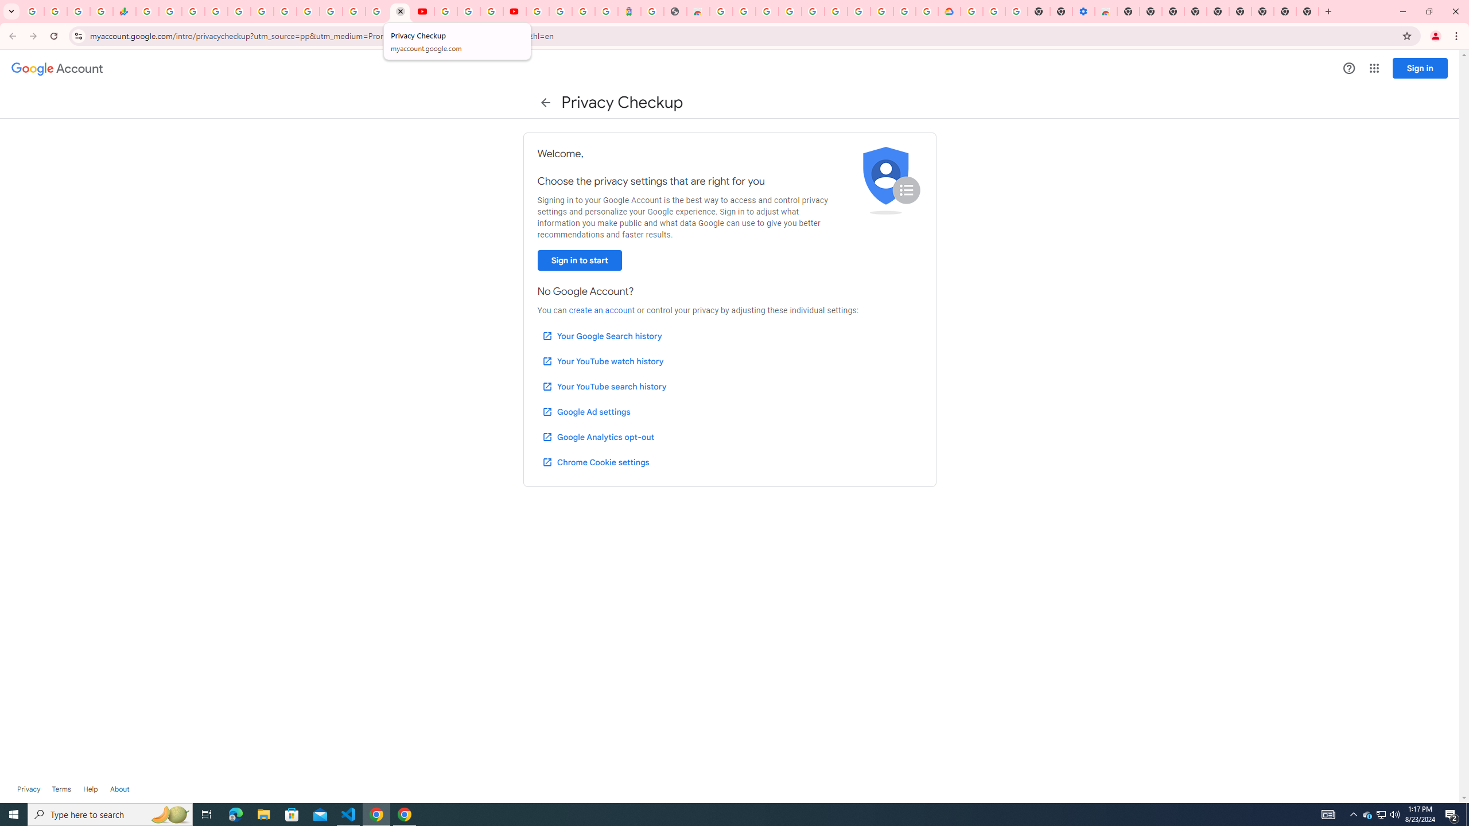 This screenshot has width=1469, height=826. I want to click on 'Create your Google Account', so click(491, 11).